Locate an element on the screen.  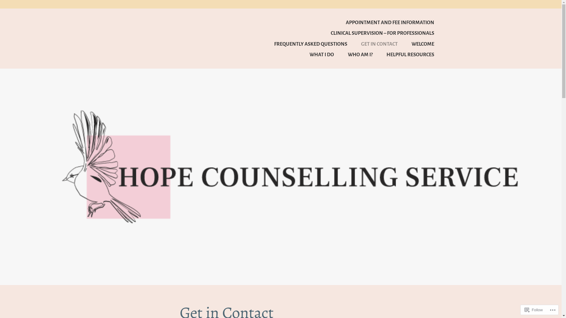
'APPOINTMENT AND FEE INFORMATION' is located at coordinates (383, 22).